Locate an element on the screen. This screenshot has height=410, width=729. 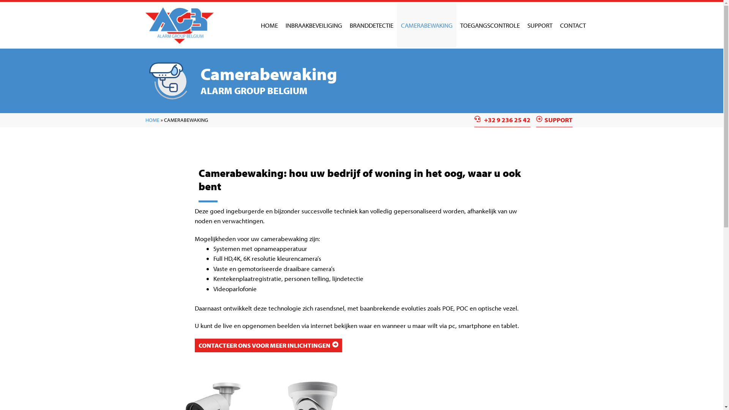
'INBRAAKBEVEILIGING' is located at coordinates (314, 25).